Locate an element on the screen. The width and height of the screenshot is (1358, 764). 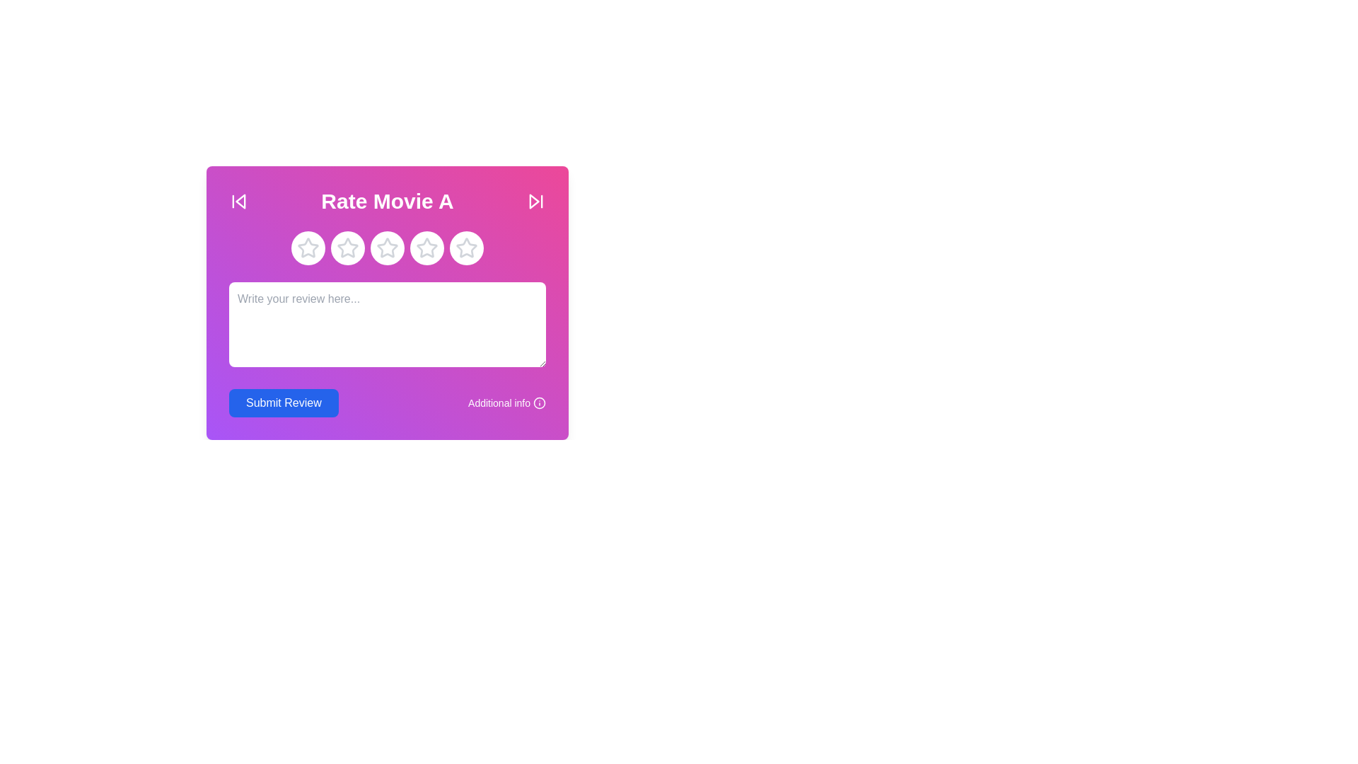
the fifth circular button with a gray star icon to register a five-star rating is located at coordinates (467, 248).